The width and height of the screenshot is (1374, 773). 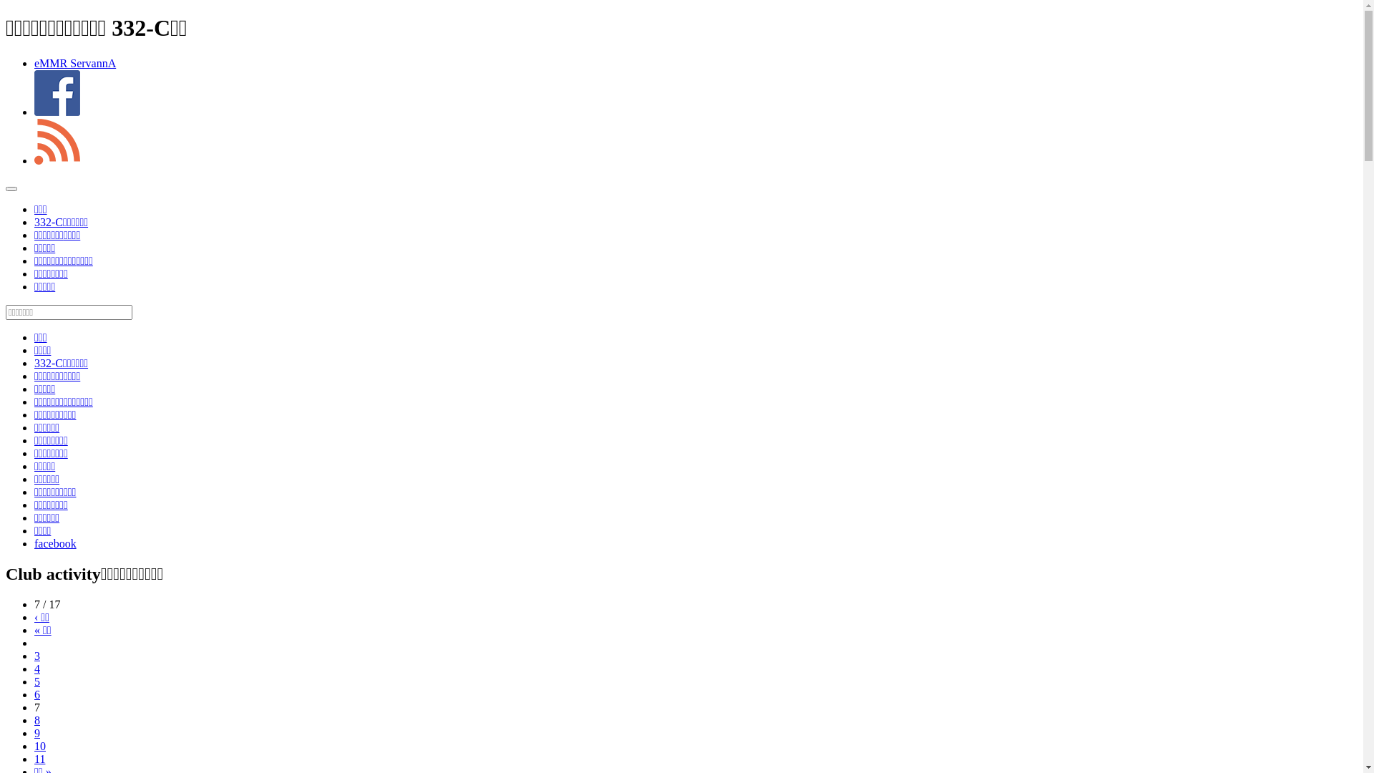 What do you see at coordinates (37, 694) in the screenshot?
I see `'6'` at bounding box center [37, 694].